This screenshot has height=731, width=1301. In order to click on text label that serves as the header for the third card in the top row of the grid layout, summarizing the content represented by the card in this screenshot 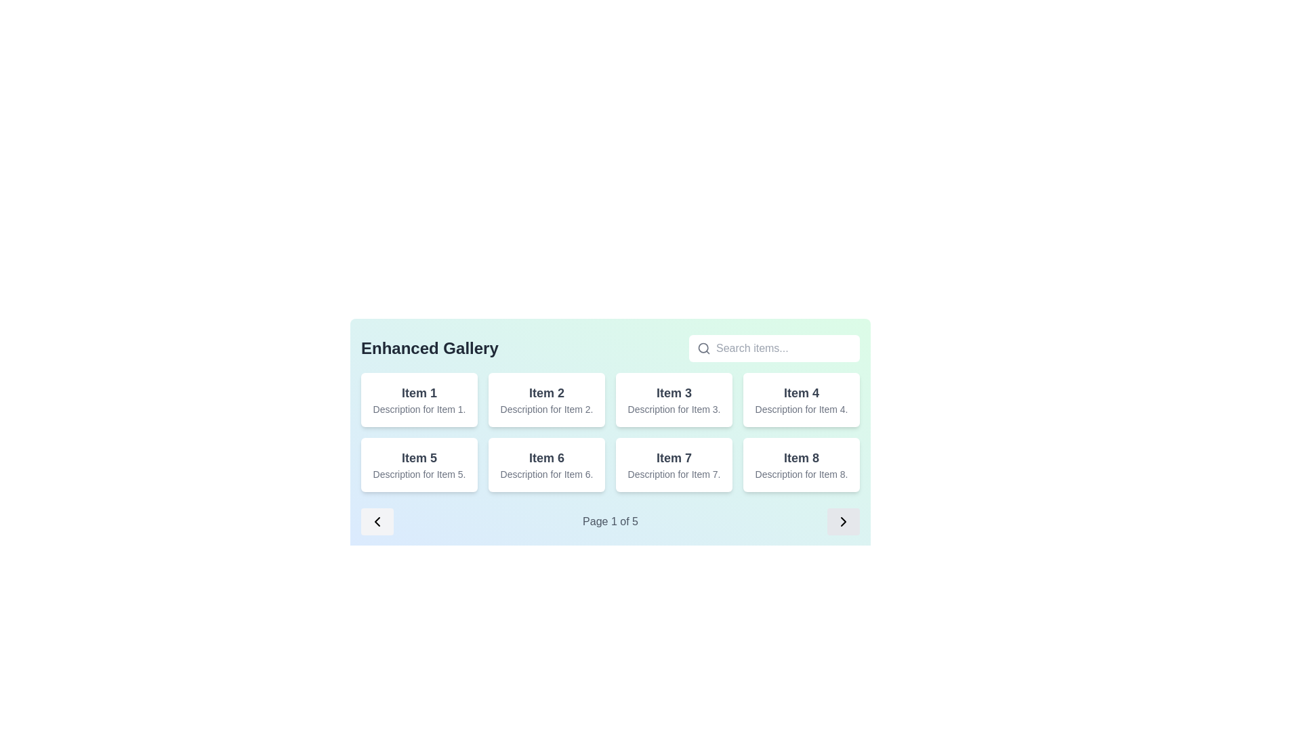, I will do `click(674, 393)`.